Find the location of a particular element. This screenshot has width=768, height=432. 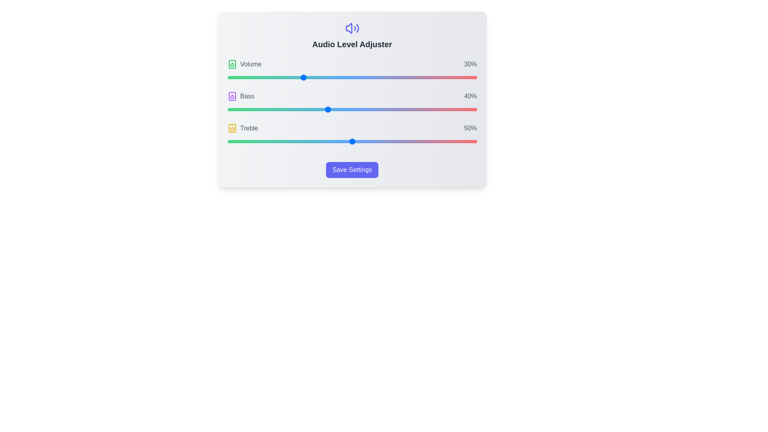

the Bass slider to 30% is located at coordinates (302, 109).